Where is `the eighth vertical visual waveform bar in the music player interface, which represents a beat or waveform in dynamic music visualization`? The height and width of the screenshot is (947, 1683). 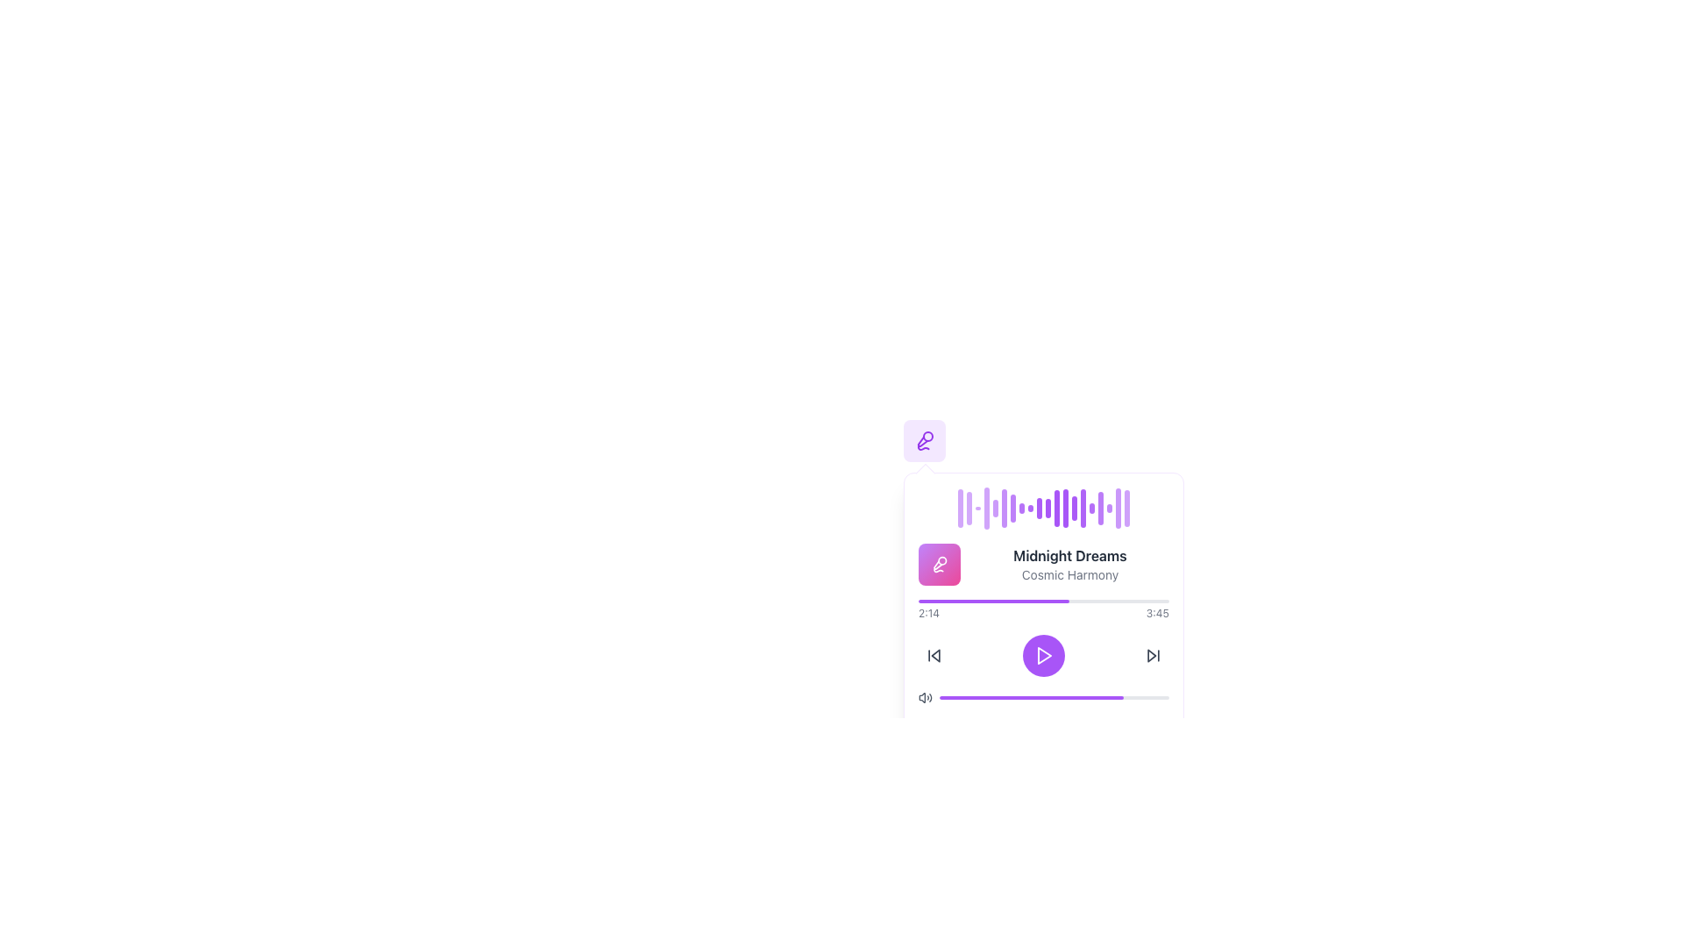
the eighth vertical visual waveform bar in the music player interface, which represents a beat or waveform in dynamic music visualization is located at coordinates (1022, 508).